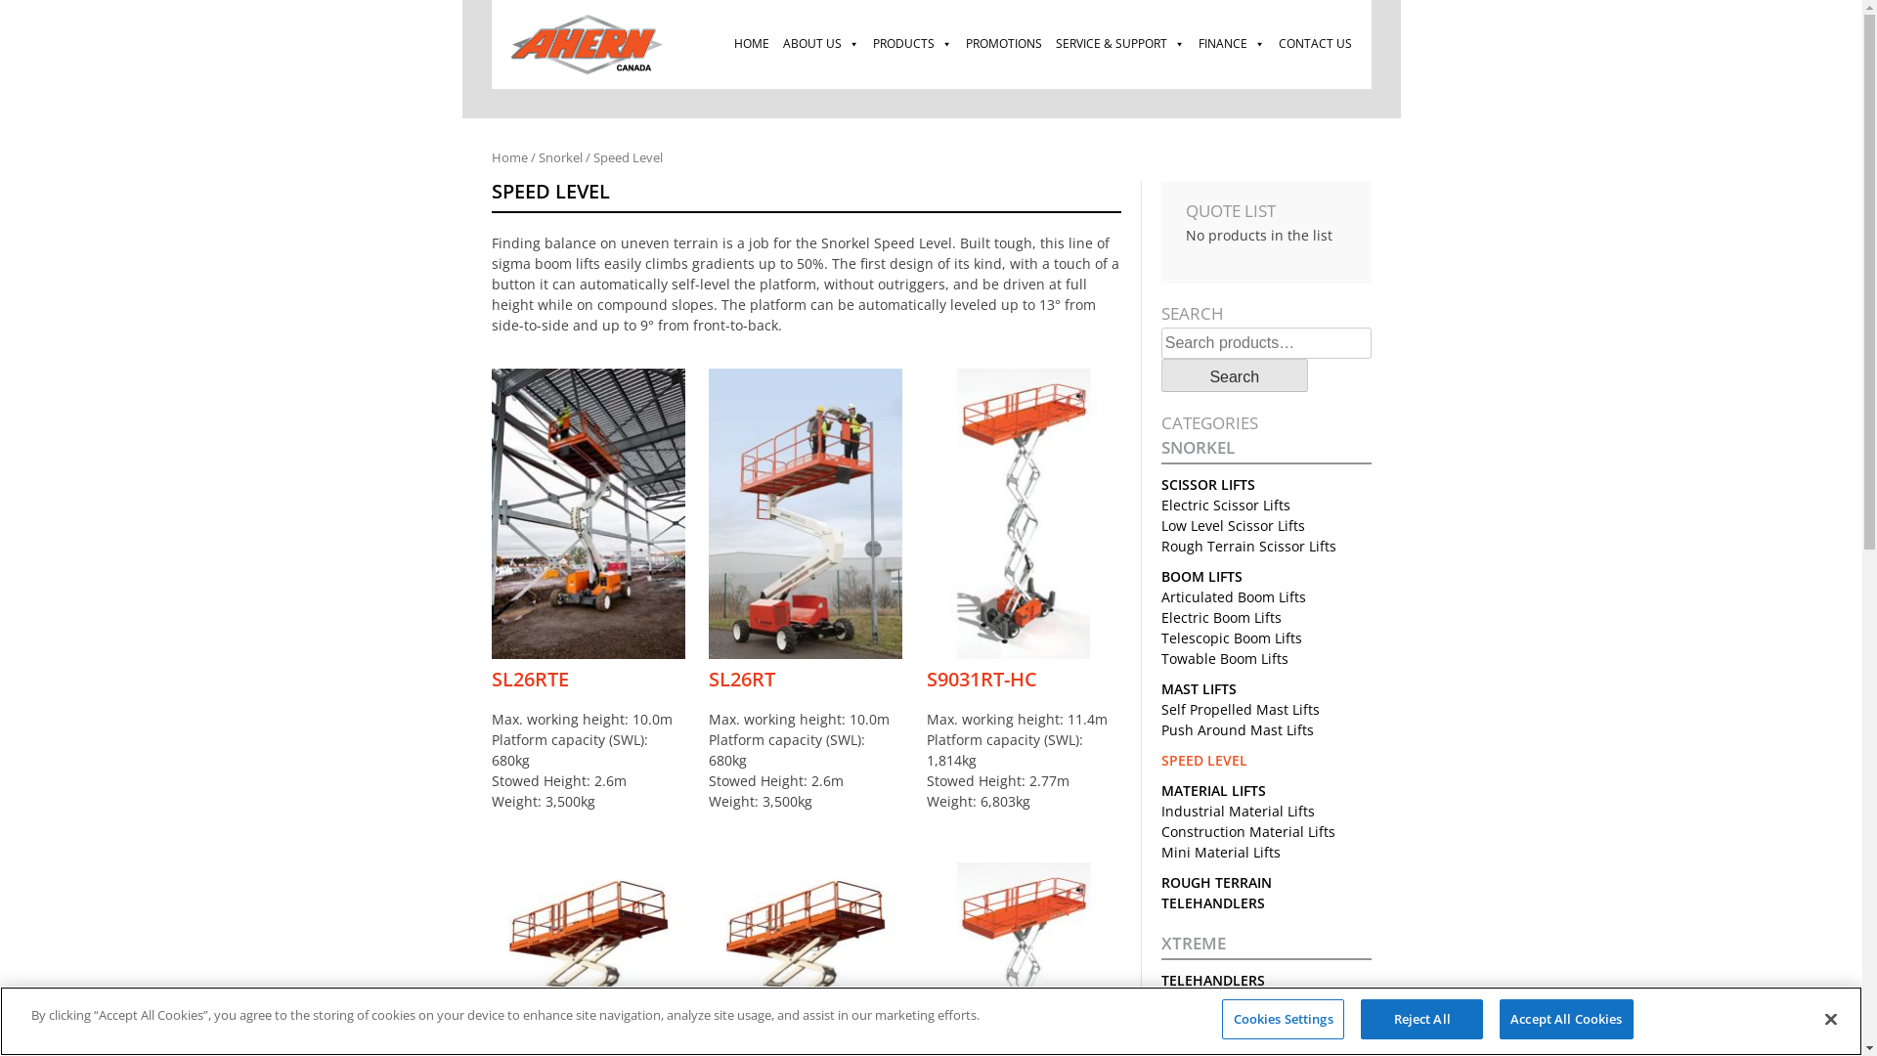  I want to click on 'SNORKEL', so click(1266, 451).